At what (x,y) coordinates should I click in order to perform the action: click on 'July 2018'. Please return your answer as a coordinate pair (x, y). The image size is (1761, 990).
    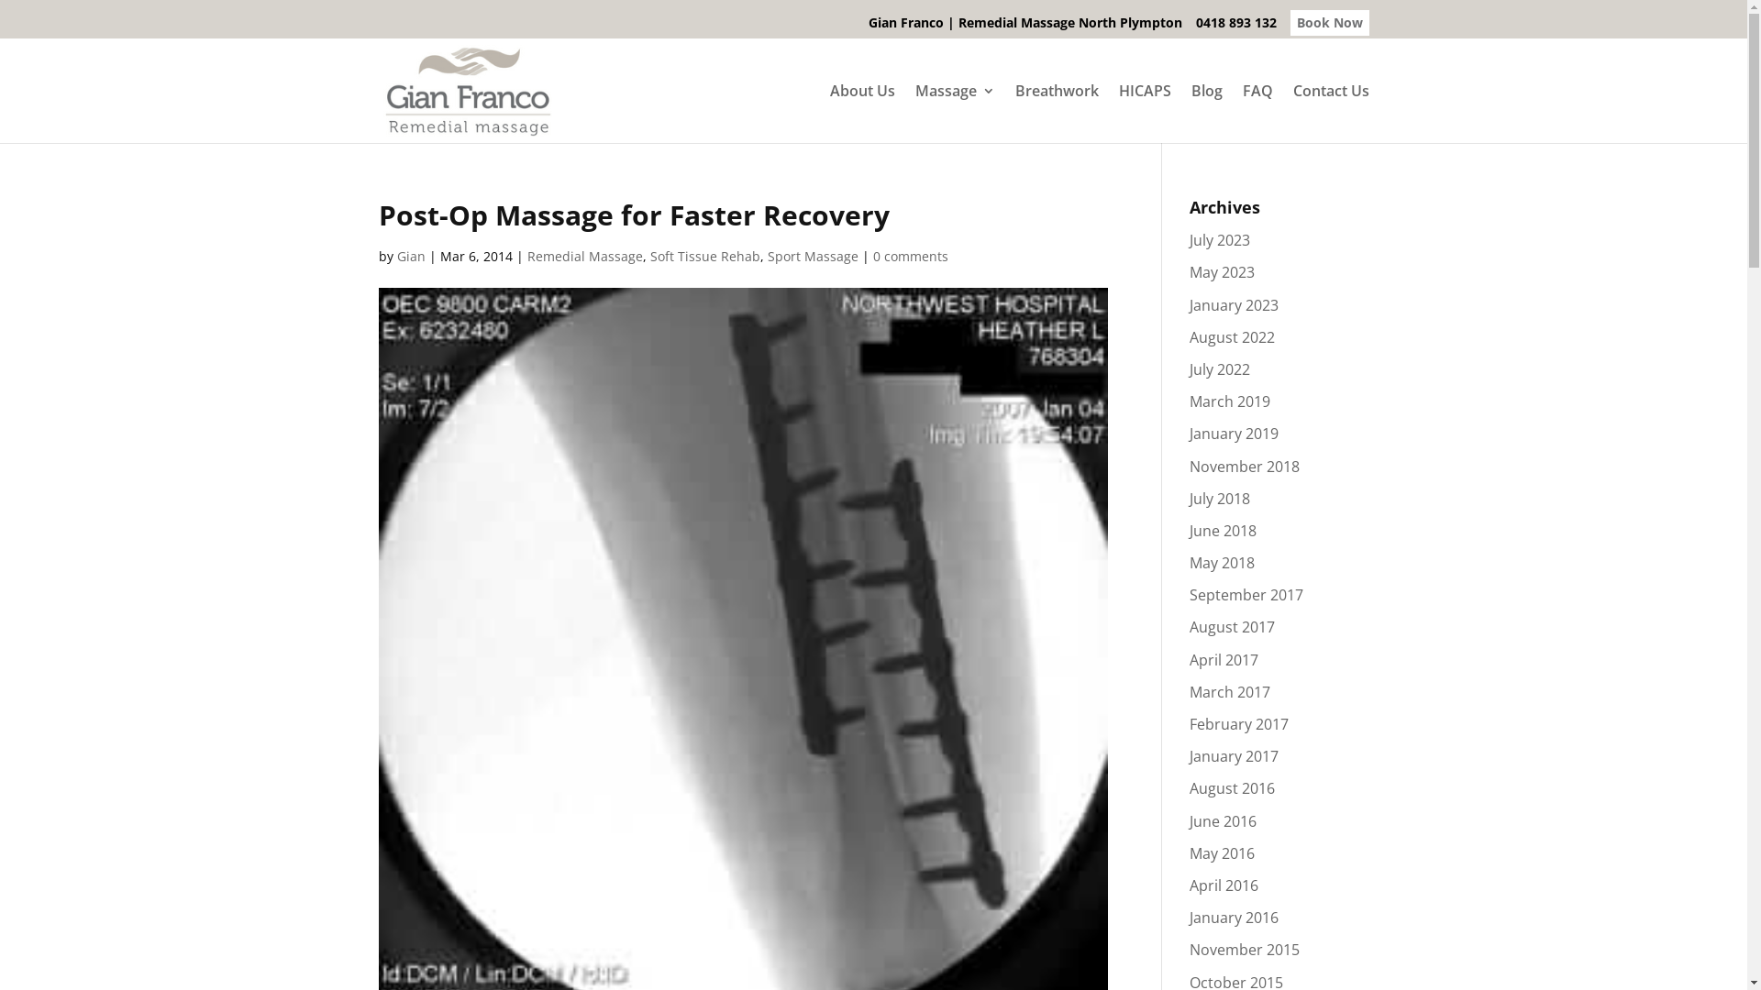
    Looking at the image, I should click on (1219, 498).